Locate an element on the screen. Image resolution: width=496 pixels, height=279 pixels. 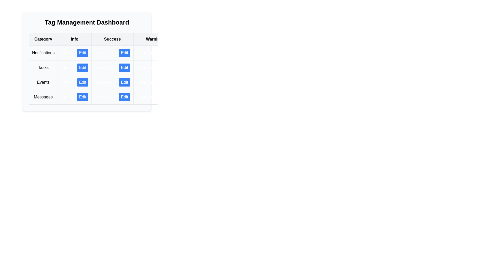
the rectangular blue 'Edit' button located in the fourth row of the table under the 'Success' column is located at coordinates (125, 97).